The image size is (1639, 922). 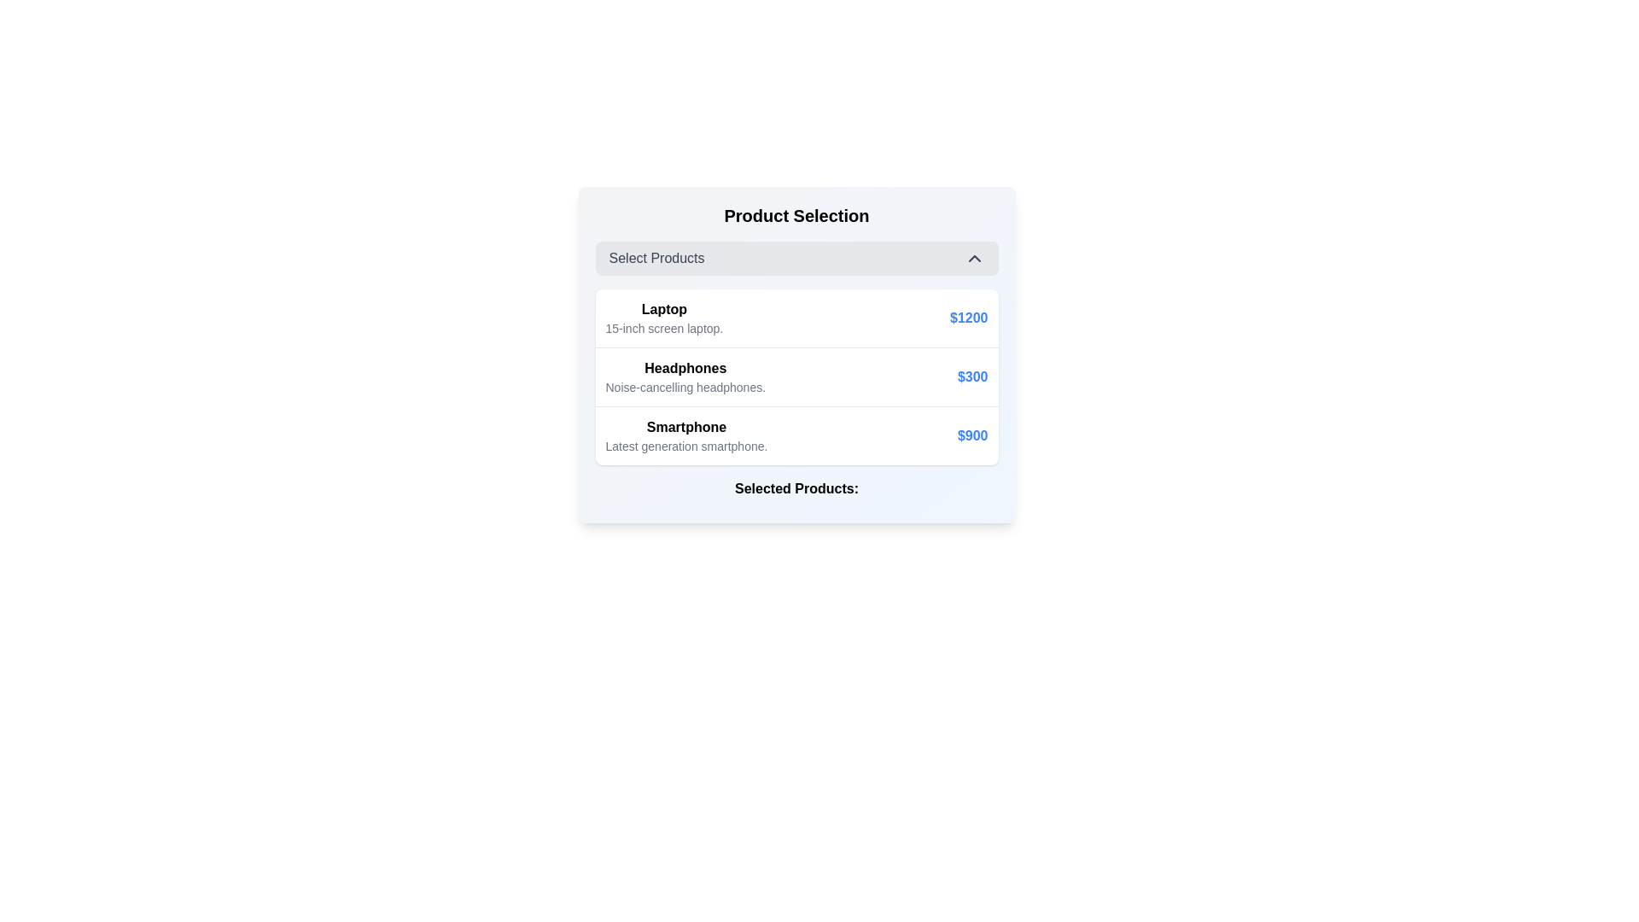 What do you see at coordinates (796, 376) in the screenshot?
I see `the second item` at bounding box center [796, 376].